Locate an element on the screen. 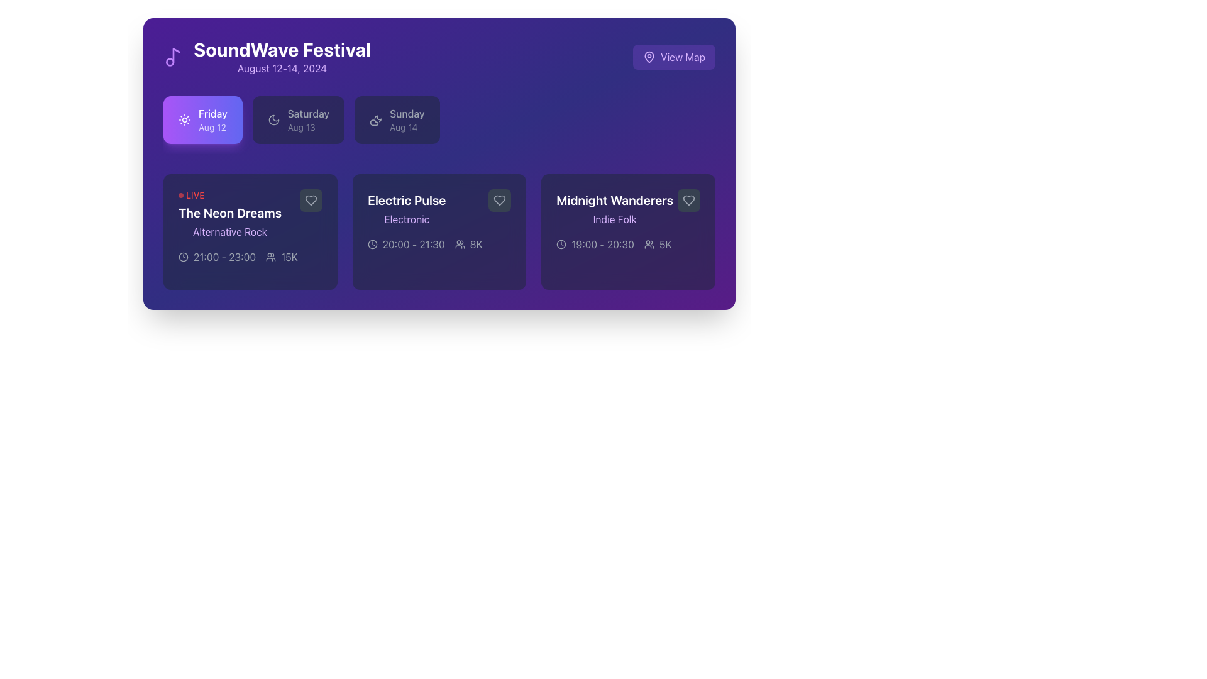 The image size is (1207, 679). the live status represented by the animated indicator located at the top-left corner of the purple card for the event titled 'The Neon Dreams' is located at coordinates (190, 196).